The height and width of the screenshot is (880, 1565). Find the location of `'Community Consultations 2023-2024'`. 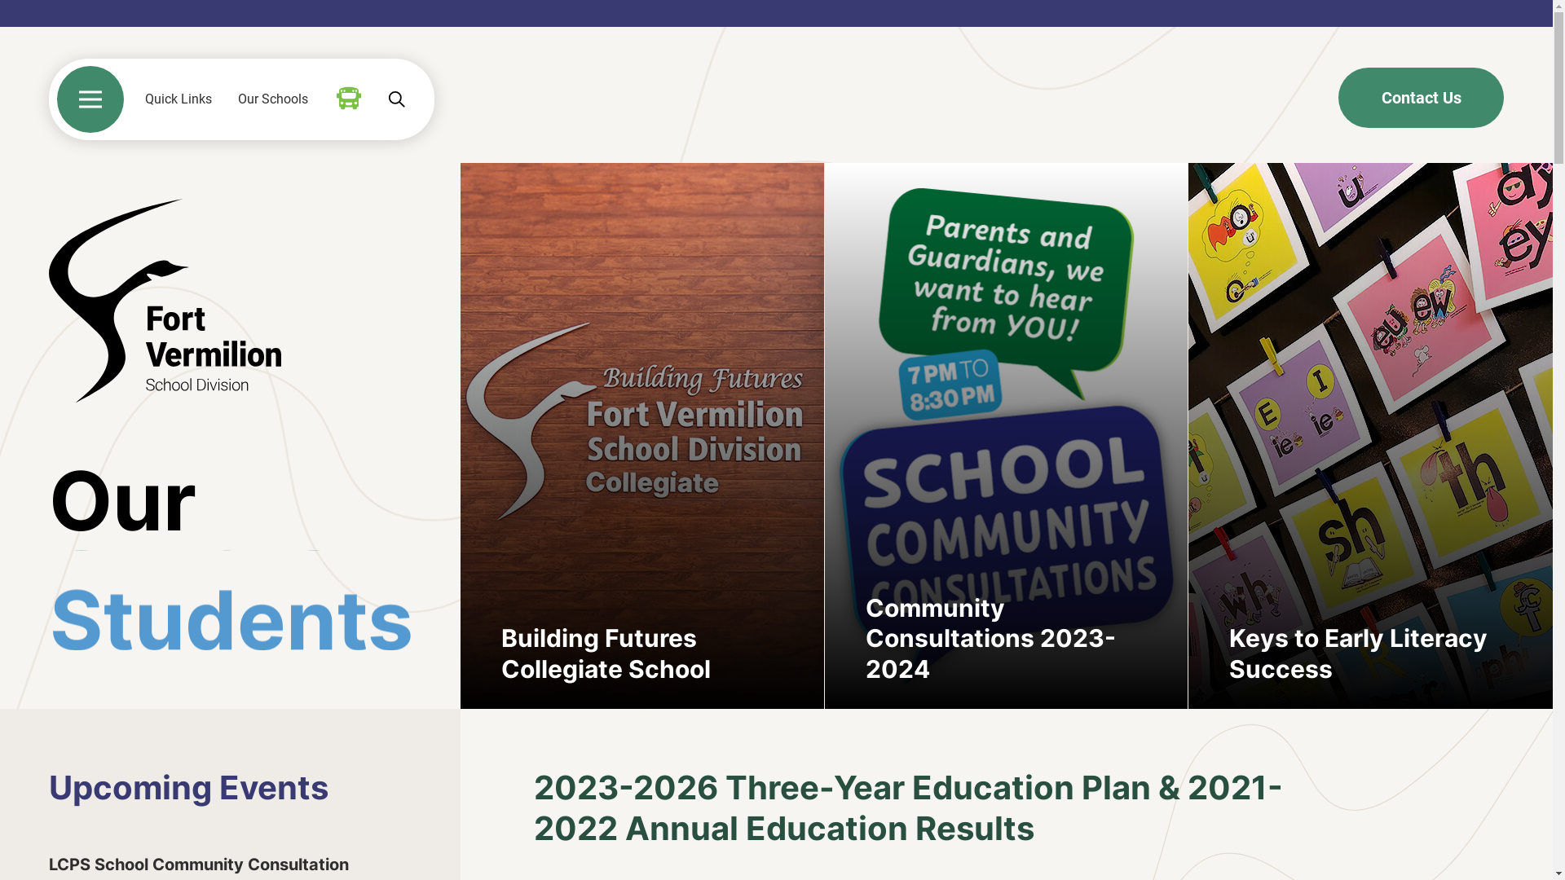

'Community Consultations 2023-2024' is located at coordinates (1005, 435).